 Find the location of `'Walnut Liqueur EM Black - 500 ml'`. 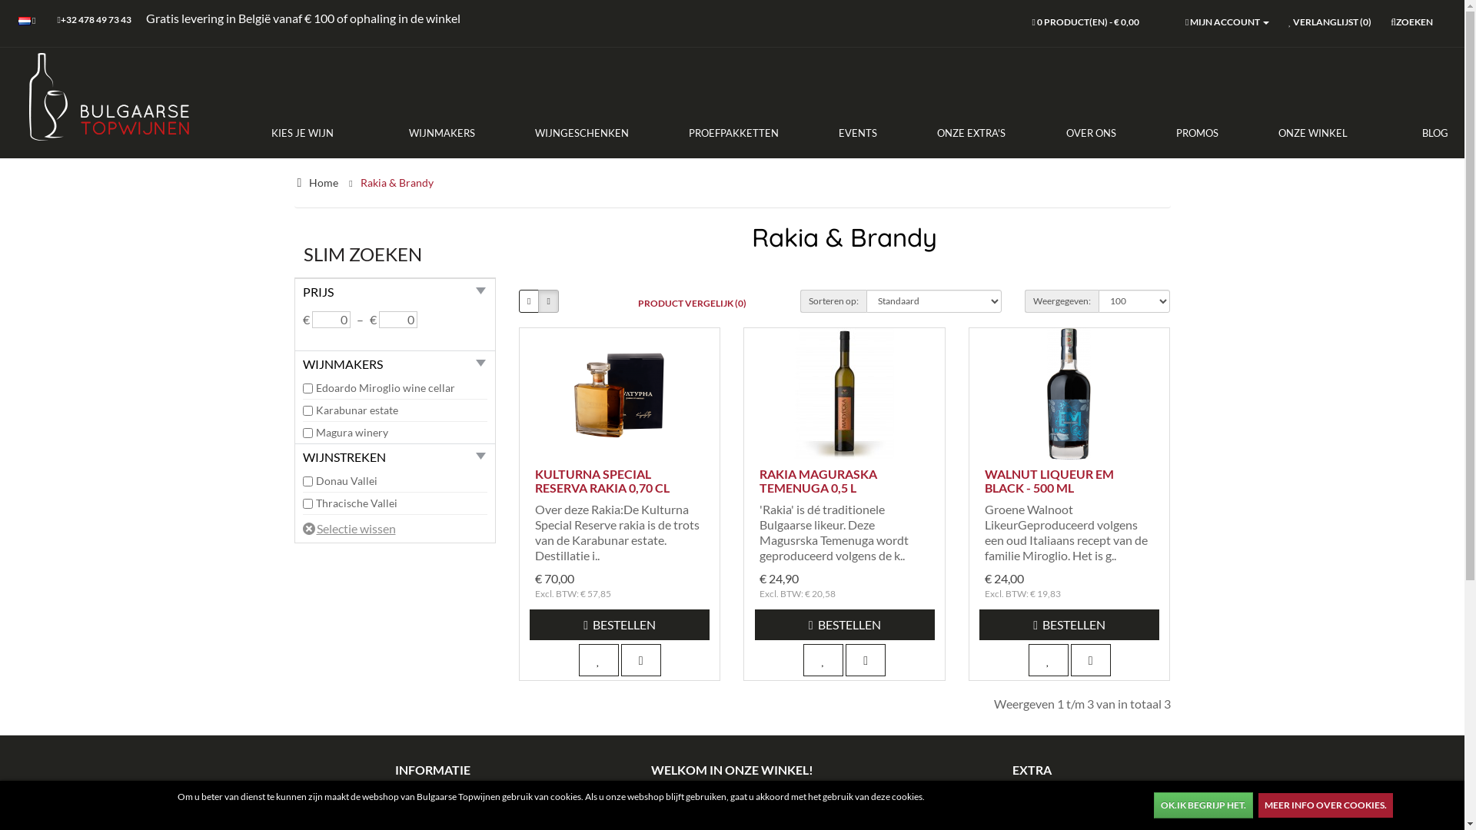

'Walnut Liqueur EM Black - 500 ml' is located at coordinates (1069, 393).